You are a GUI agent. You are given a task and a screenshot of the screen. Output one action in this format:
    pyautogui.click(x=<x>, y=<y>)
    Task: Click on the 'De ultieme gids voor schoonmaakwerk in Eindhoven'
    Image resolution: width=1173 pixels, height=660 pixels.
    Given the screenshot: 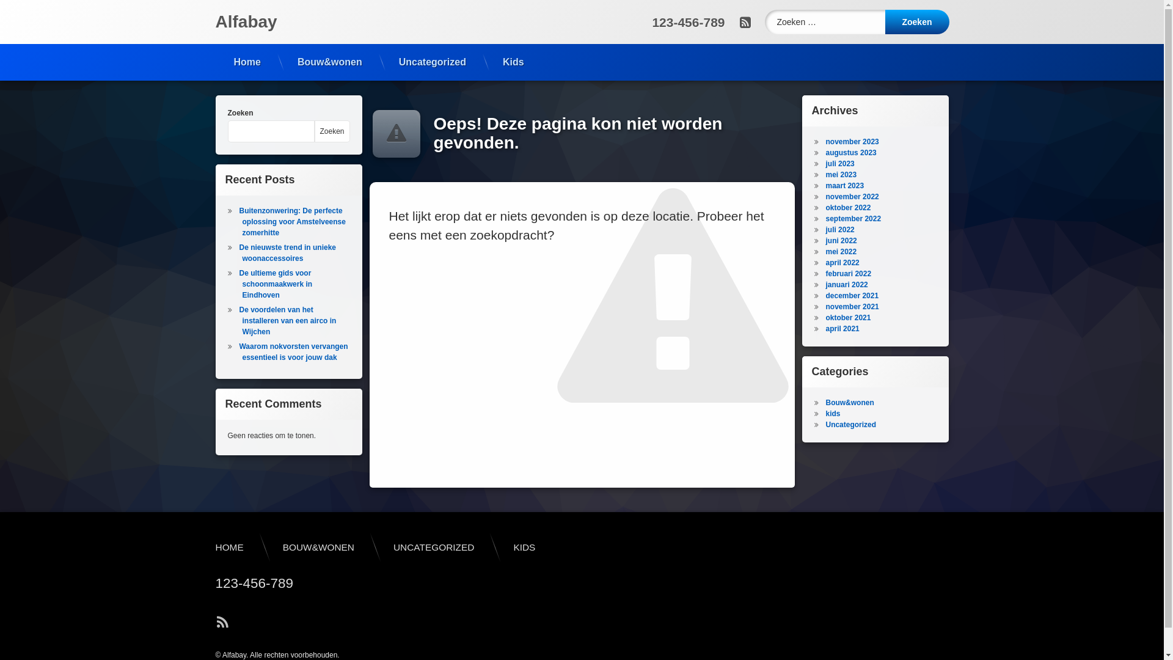 What is the action you would take?
    pyautogui.click(x=275, y=284)
    